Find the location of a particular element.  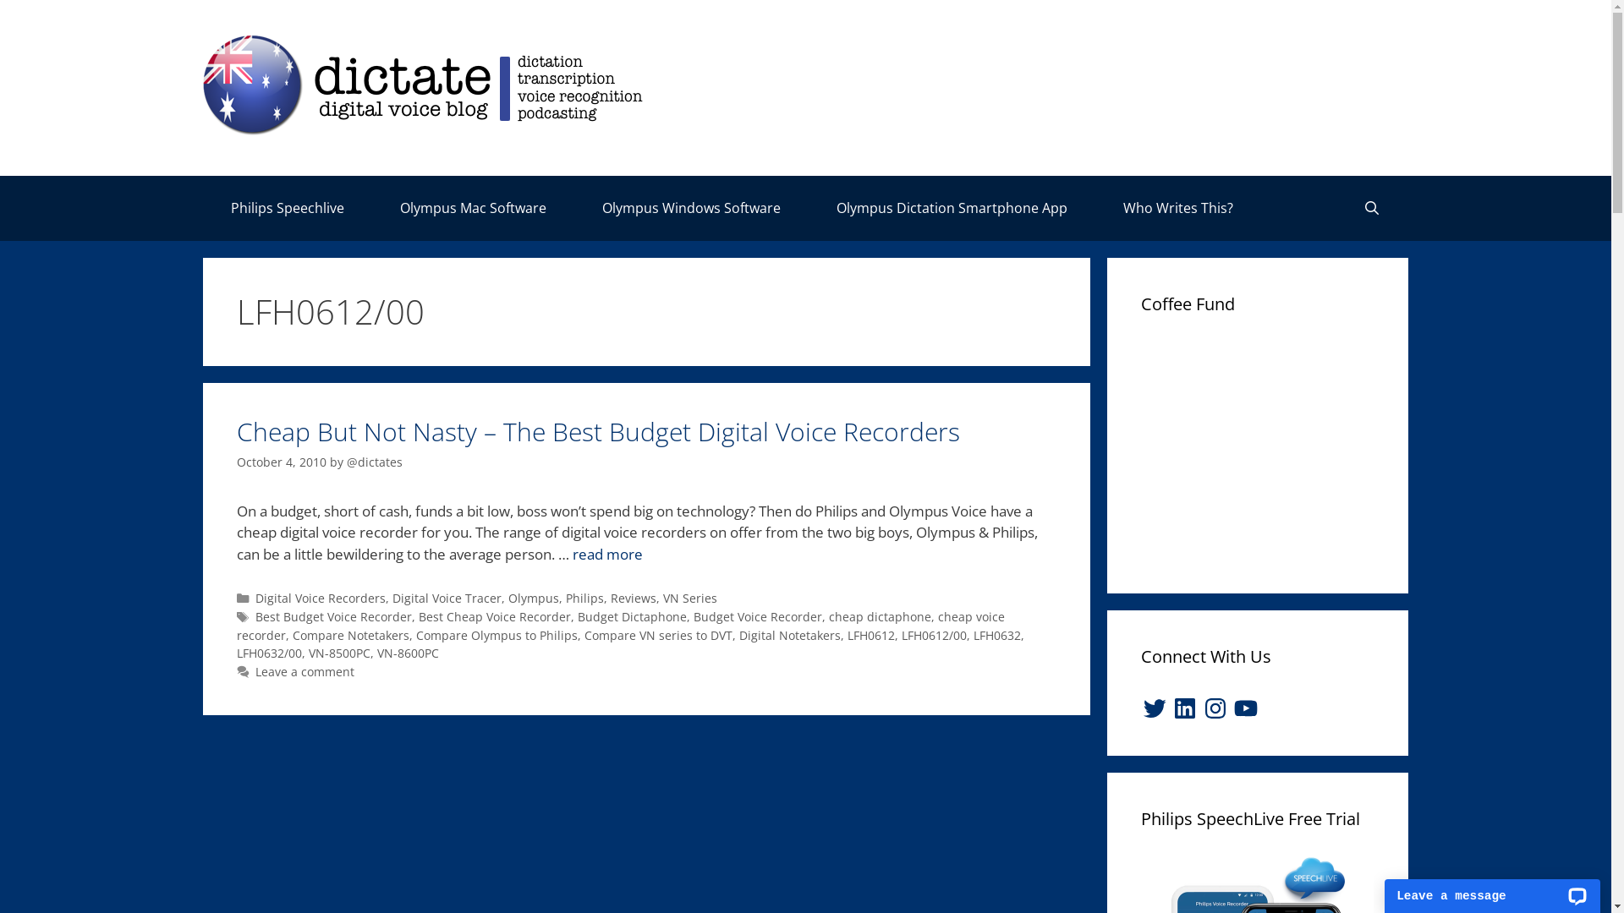

'Budget Dictaphone' is located at coordinates (631, 616).